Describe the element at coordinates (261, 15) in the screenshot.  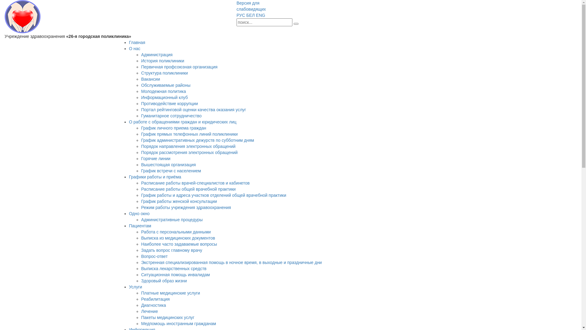
I see `'ENG'` at that location.